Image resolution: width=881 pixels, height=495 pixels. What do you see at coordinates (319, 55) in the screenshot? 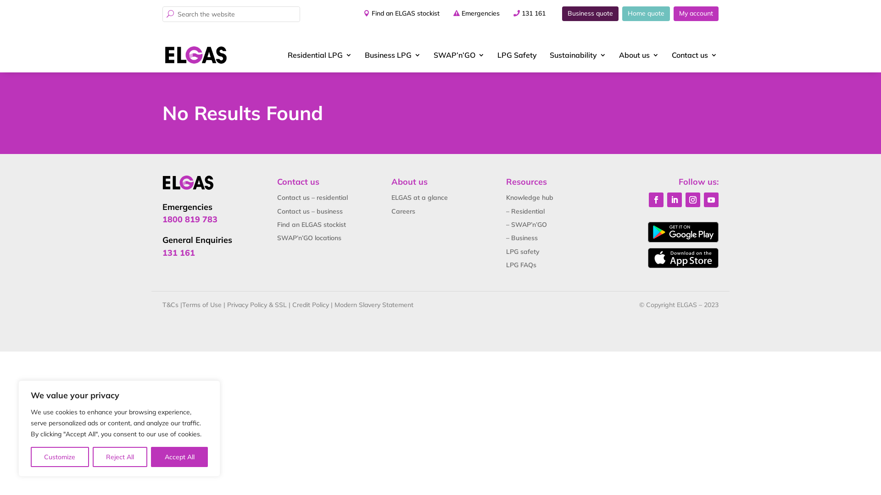
I see `'Residential LPG'` at bounding box center [319, 55].